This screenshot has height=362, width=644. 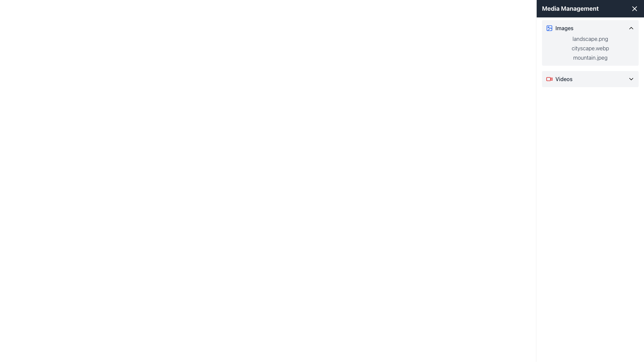 I want to click on the Text Label in the 'Media Management' section, so click(x=564, y=28).